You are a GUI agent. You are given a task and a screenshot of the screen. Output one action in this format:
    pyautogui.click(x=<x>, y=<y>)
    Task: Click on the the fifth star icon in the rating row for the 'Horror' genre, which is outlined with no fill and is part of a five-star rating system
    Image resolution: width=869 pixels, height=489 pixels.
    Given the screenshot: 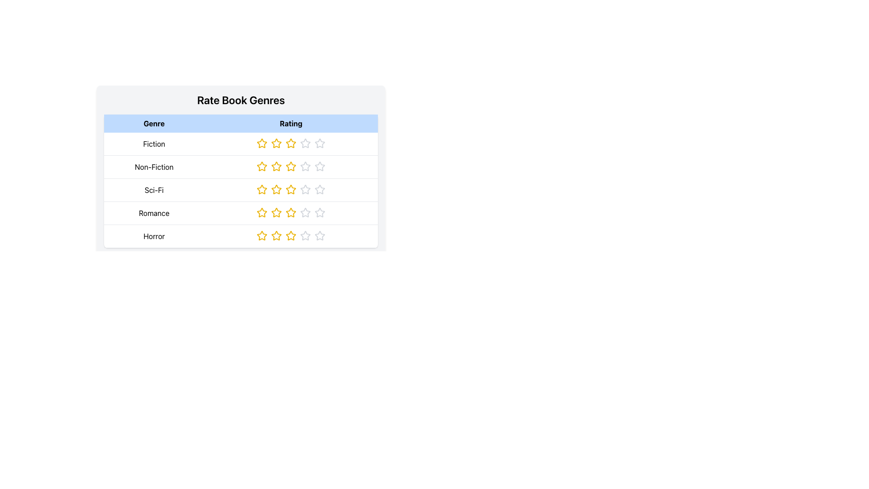 What is the action you would take?
    pyautogui.click(x=320, y=235)
    